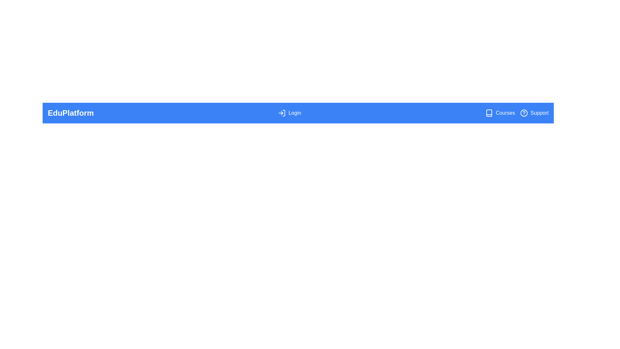  Describe the element at coordinates (289, 113) in the screenshot. I see `the interactive login button located in the blue header bar, positioned to the right of 'EduPlatform' and to the left of 'Courses' and 'Support'` at that location.